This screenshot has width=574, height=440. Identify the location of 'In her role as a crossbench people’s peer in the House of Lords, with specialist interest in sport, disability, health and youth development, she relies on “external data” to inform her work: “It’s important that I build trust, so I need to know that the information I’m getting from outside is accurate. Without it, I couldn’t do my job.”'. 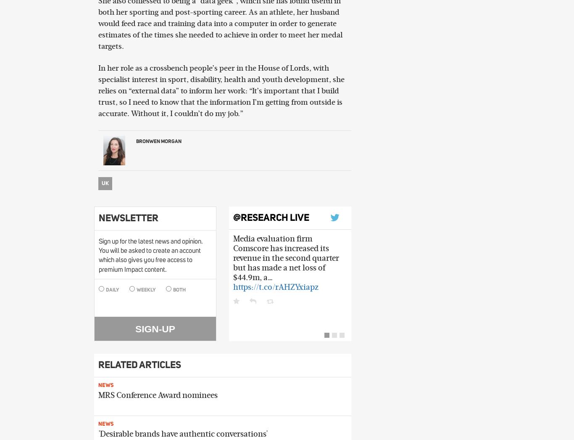
(98, 91).